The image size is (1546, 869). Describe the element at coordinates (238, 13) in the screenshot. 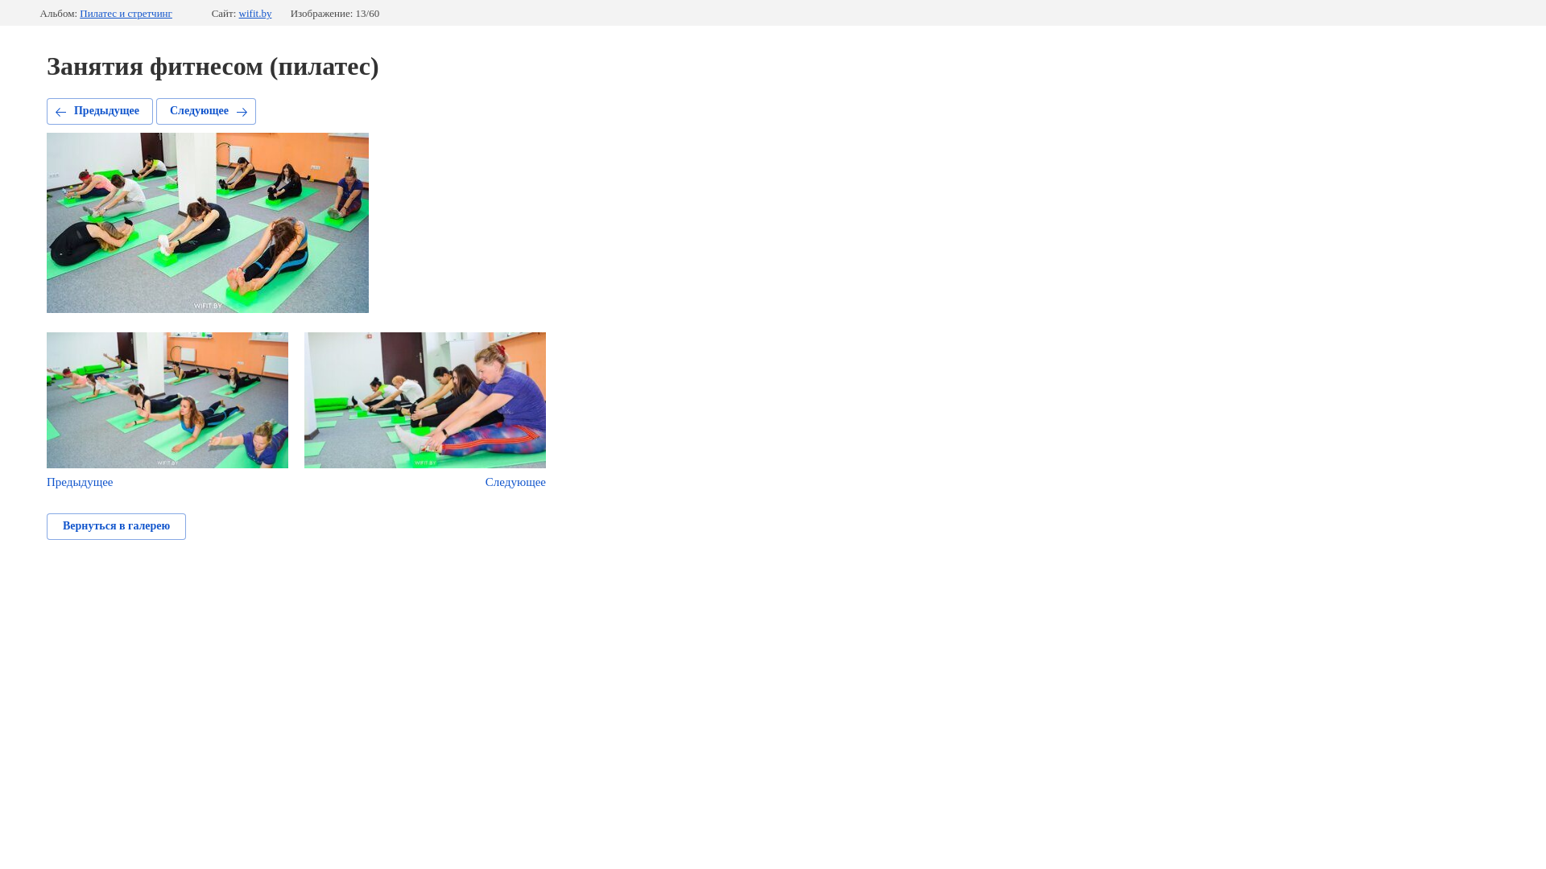

I see `'wifit.by'` at that location.